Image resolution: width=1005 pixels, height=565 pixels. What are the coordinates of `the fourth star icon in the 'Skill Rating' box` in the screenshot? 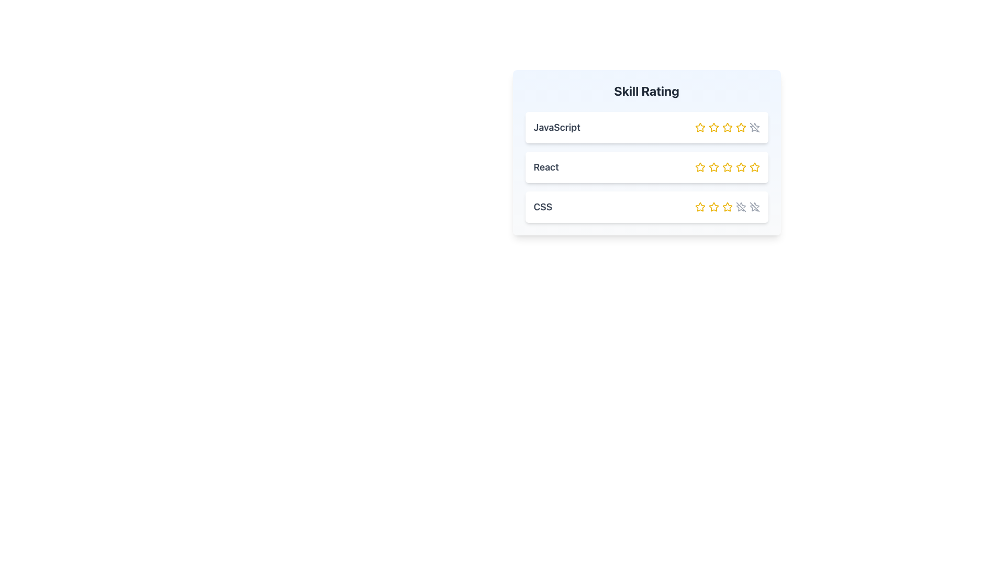 It's located at (740, 127).